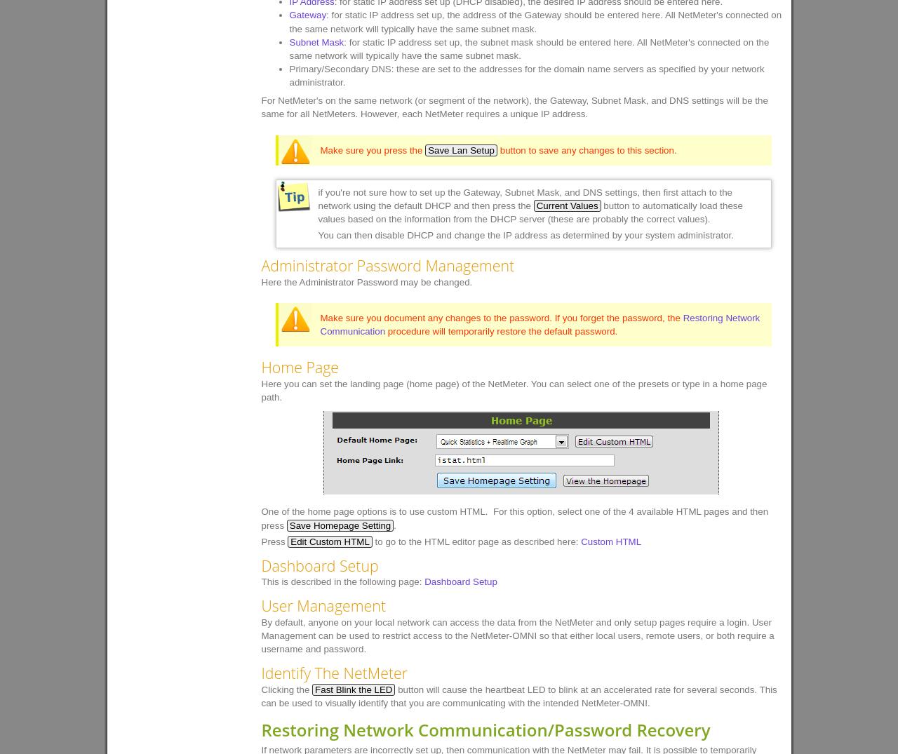 The width and height of the screenshot is (898, 754). Describe the element at coordinates (513, 390) in the screenshot. I see `'Here you can set the landing page (home page) of the NetMeter. You can select one of the presets or type in a home page path.'` at that location.